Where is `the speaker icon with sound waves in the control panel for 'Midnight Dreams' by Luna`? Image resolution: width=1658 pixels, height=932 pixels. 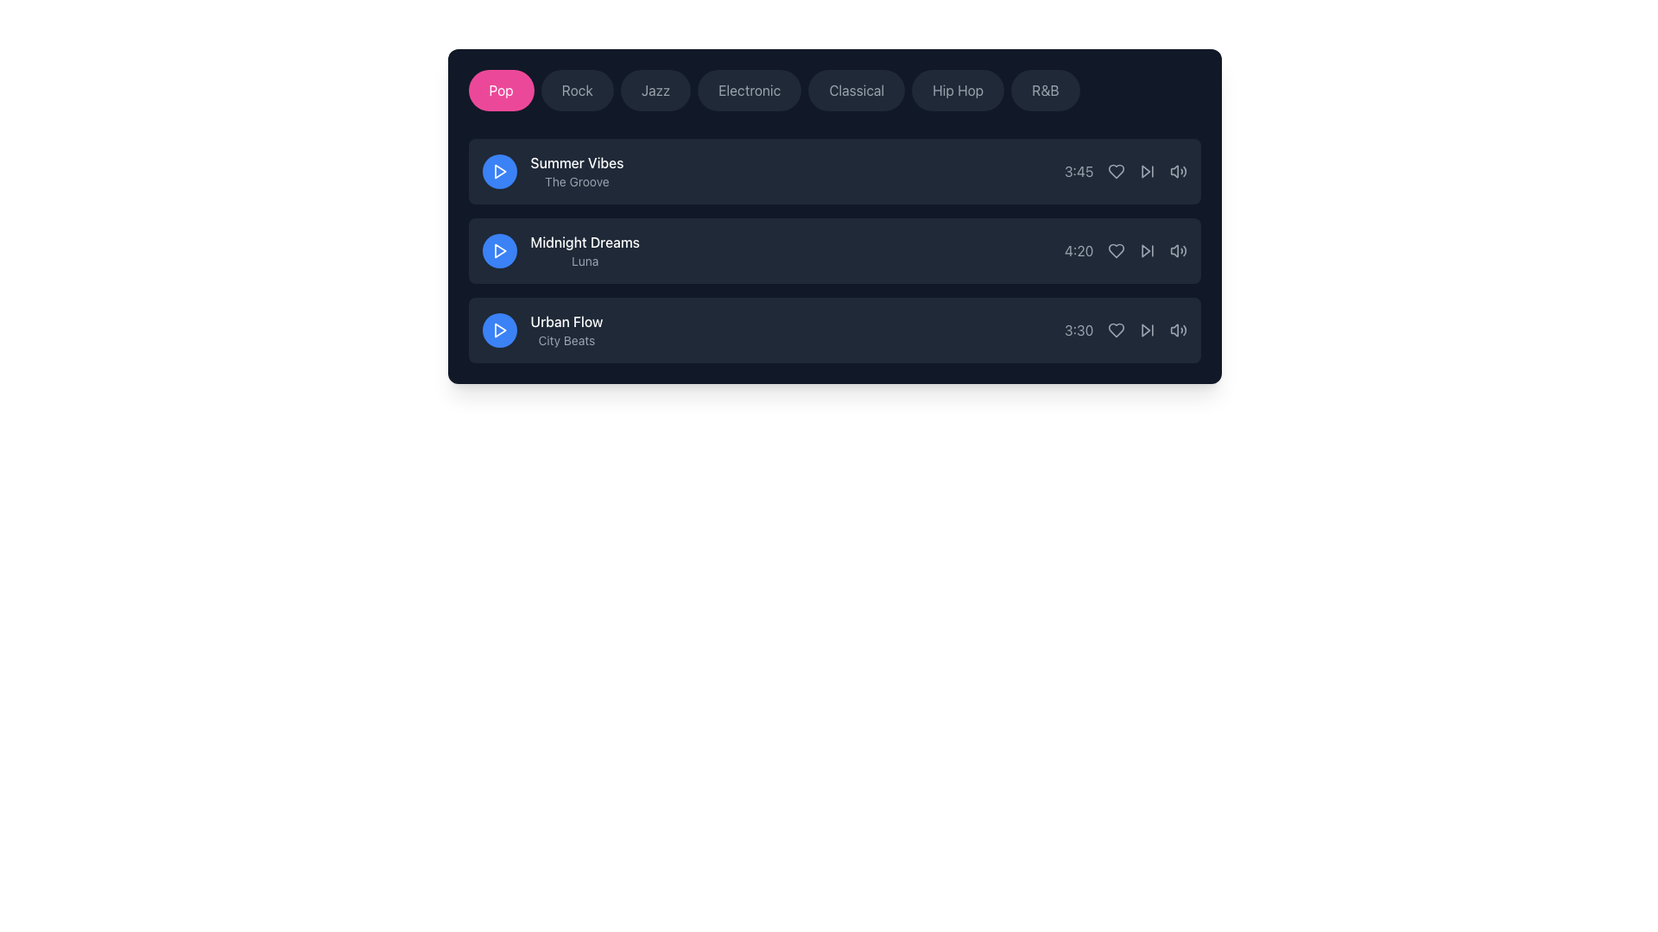
the speaker icon with sound waves in the control panel for 'Midnight Dreams' by Luna is located at coordinates (1174, 250).